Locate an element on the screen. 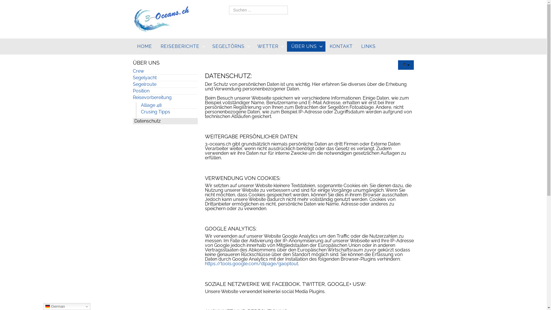 The height and width of the screenshot is (310, 551). 'Crew' is located at coordinates (165, 71).